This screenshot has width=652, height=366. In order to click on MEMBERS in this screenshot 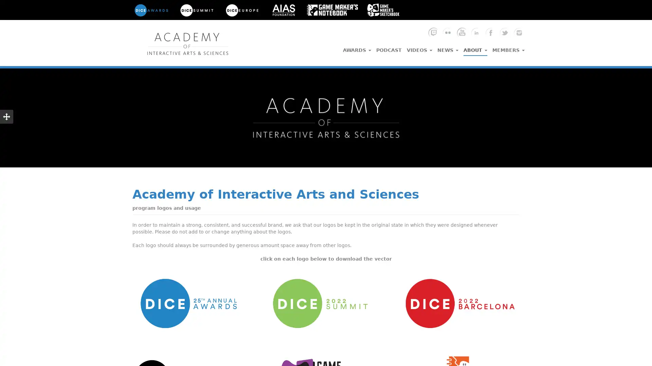, I will do `click(508, 48)`.